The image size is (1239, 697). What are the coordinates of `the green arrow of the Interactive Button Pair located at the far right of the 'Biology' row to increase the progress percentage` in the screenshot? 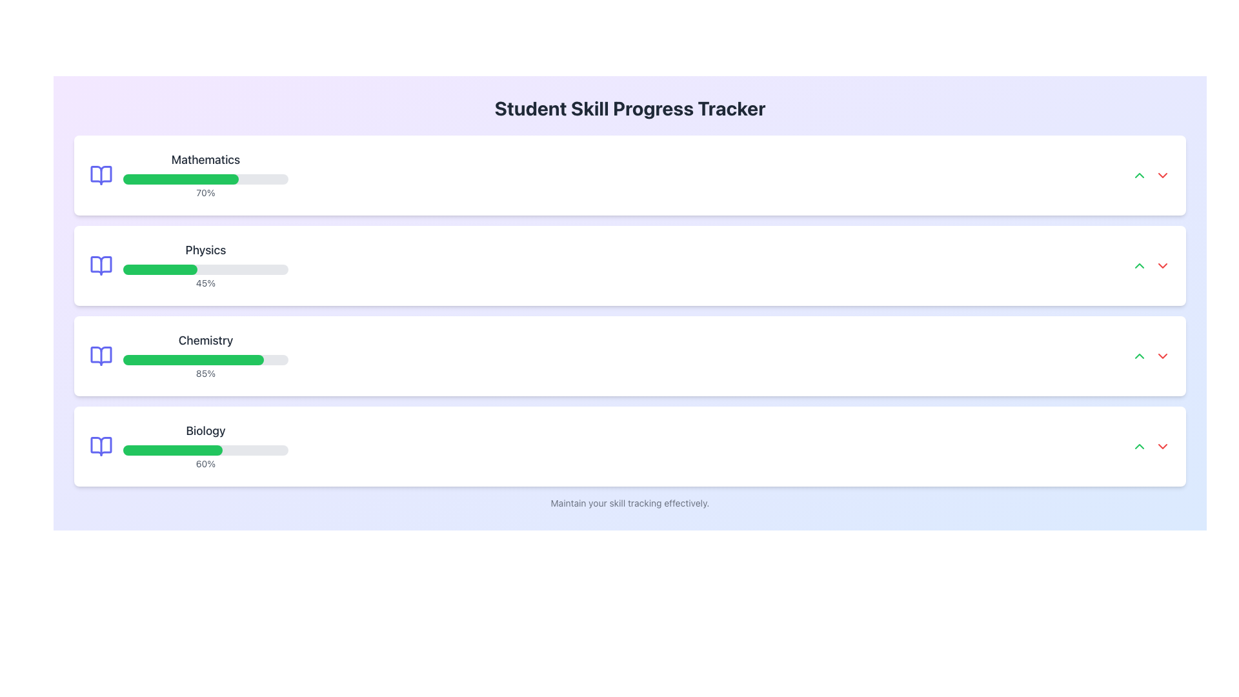 It's located at (1151, 445).